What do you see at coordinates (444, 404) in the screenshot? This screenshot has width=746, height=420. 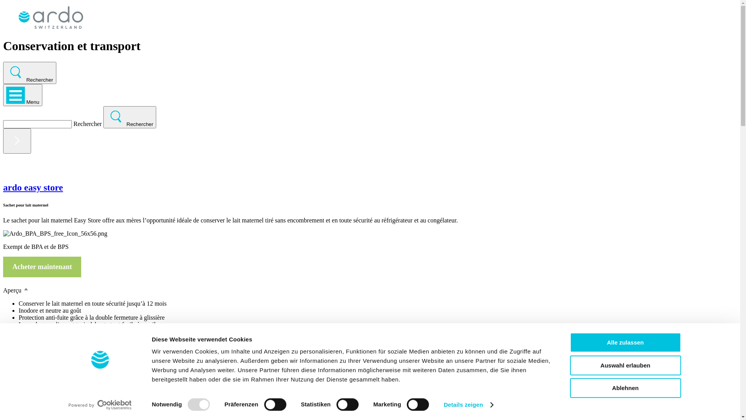 I see `'Details zeigen'` at bounding box center [444, 404].